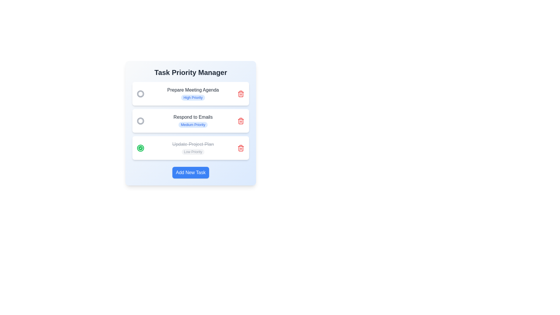  Describe the element at coordinates (140, 120) in the screenshot. I see `the interactive icon or indicator, a circle with a distinct border, located to the far left of the 'Prepare Meeting Agenda - High Priority' task row, to change its state` at that location.